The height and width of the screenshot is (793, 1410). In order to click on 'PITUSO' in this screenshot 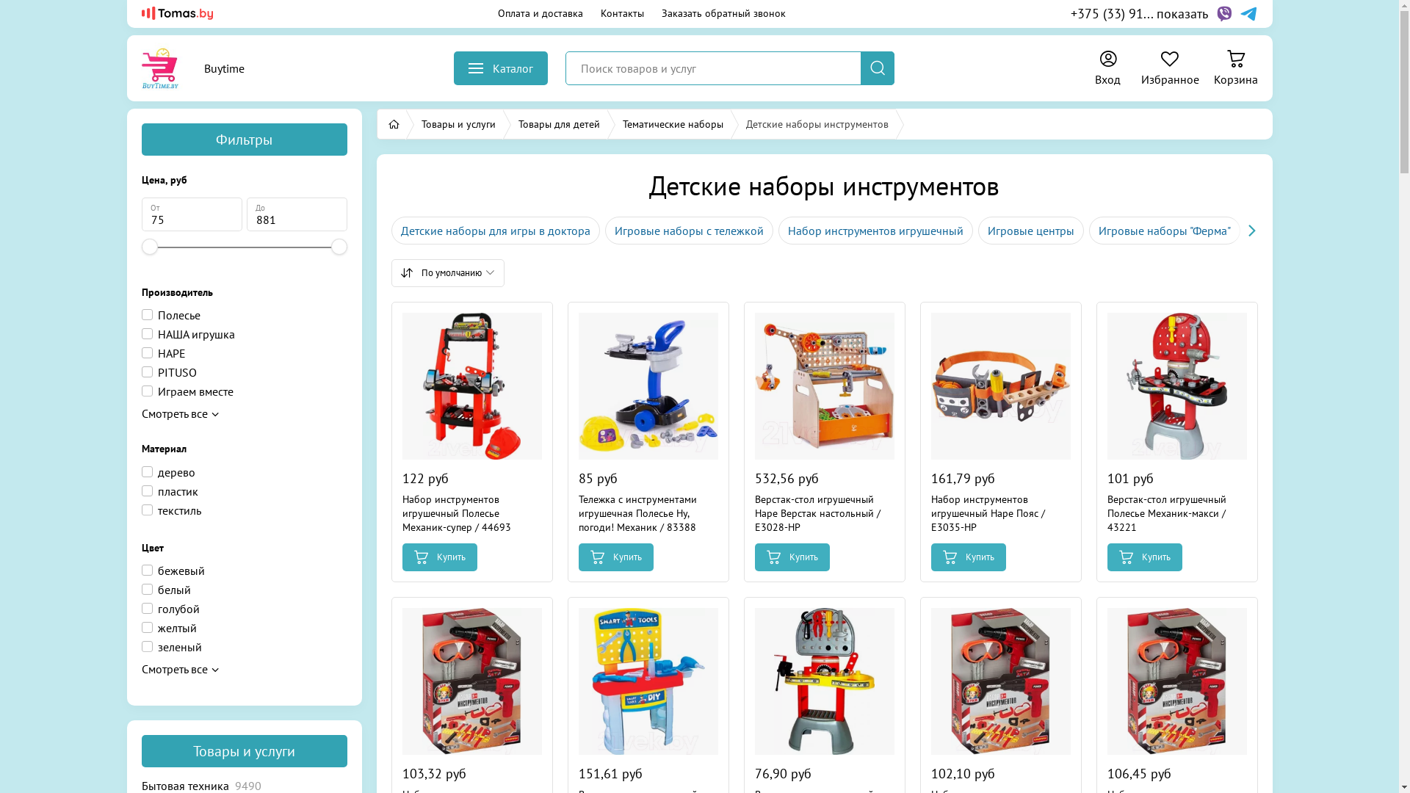, I will do `click(168, 371)`.